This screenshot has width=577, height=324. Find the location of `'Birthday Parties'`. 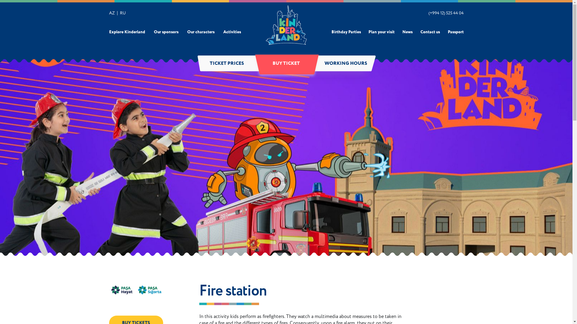

'Birthday Parties' is located at coordinates (346, 32).